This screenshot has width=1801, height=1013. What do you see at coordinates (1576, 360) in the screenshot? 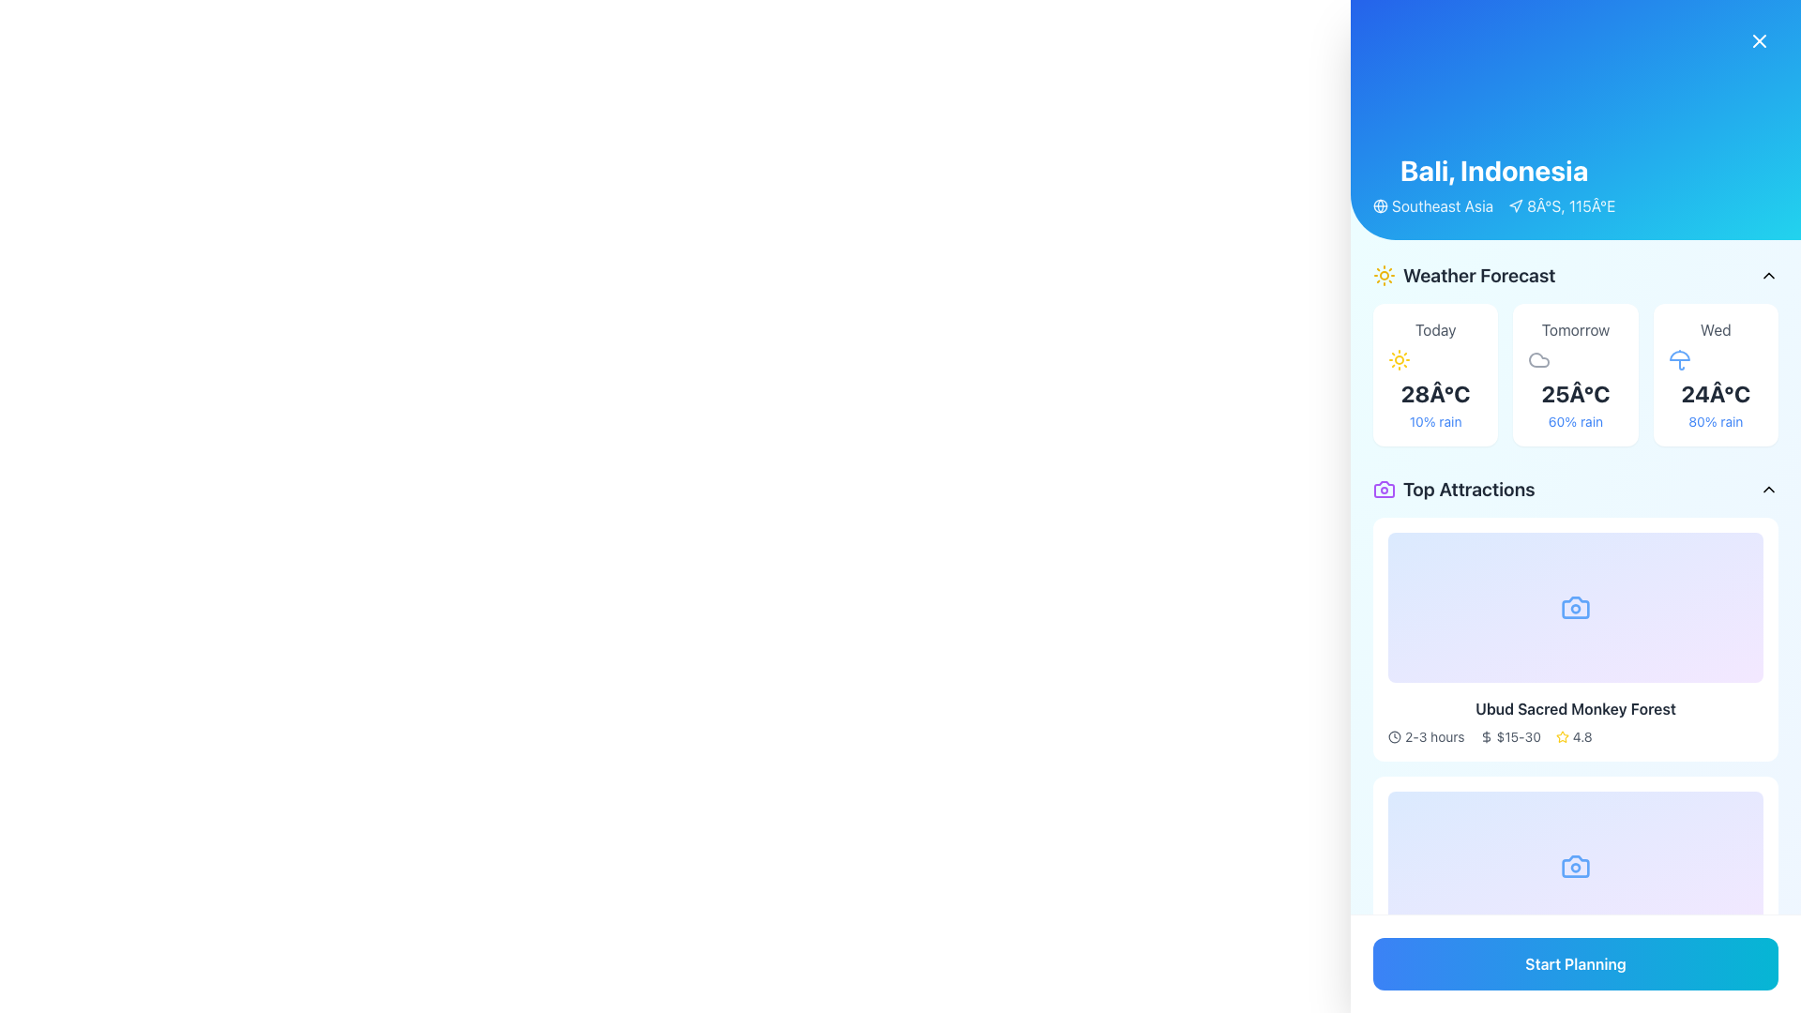
I see `weather icon representing the 'Tomorrow' forecast located in the right panel of the weather forecast section, positioned above the temperature and rain percentage information` at bounding box center [1576, 360].